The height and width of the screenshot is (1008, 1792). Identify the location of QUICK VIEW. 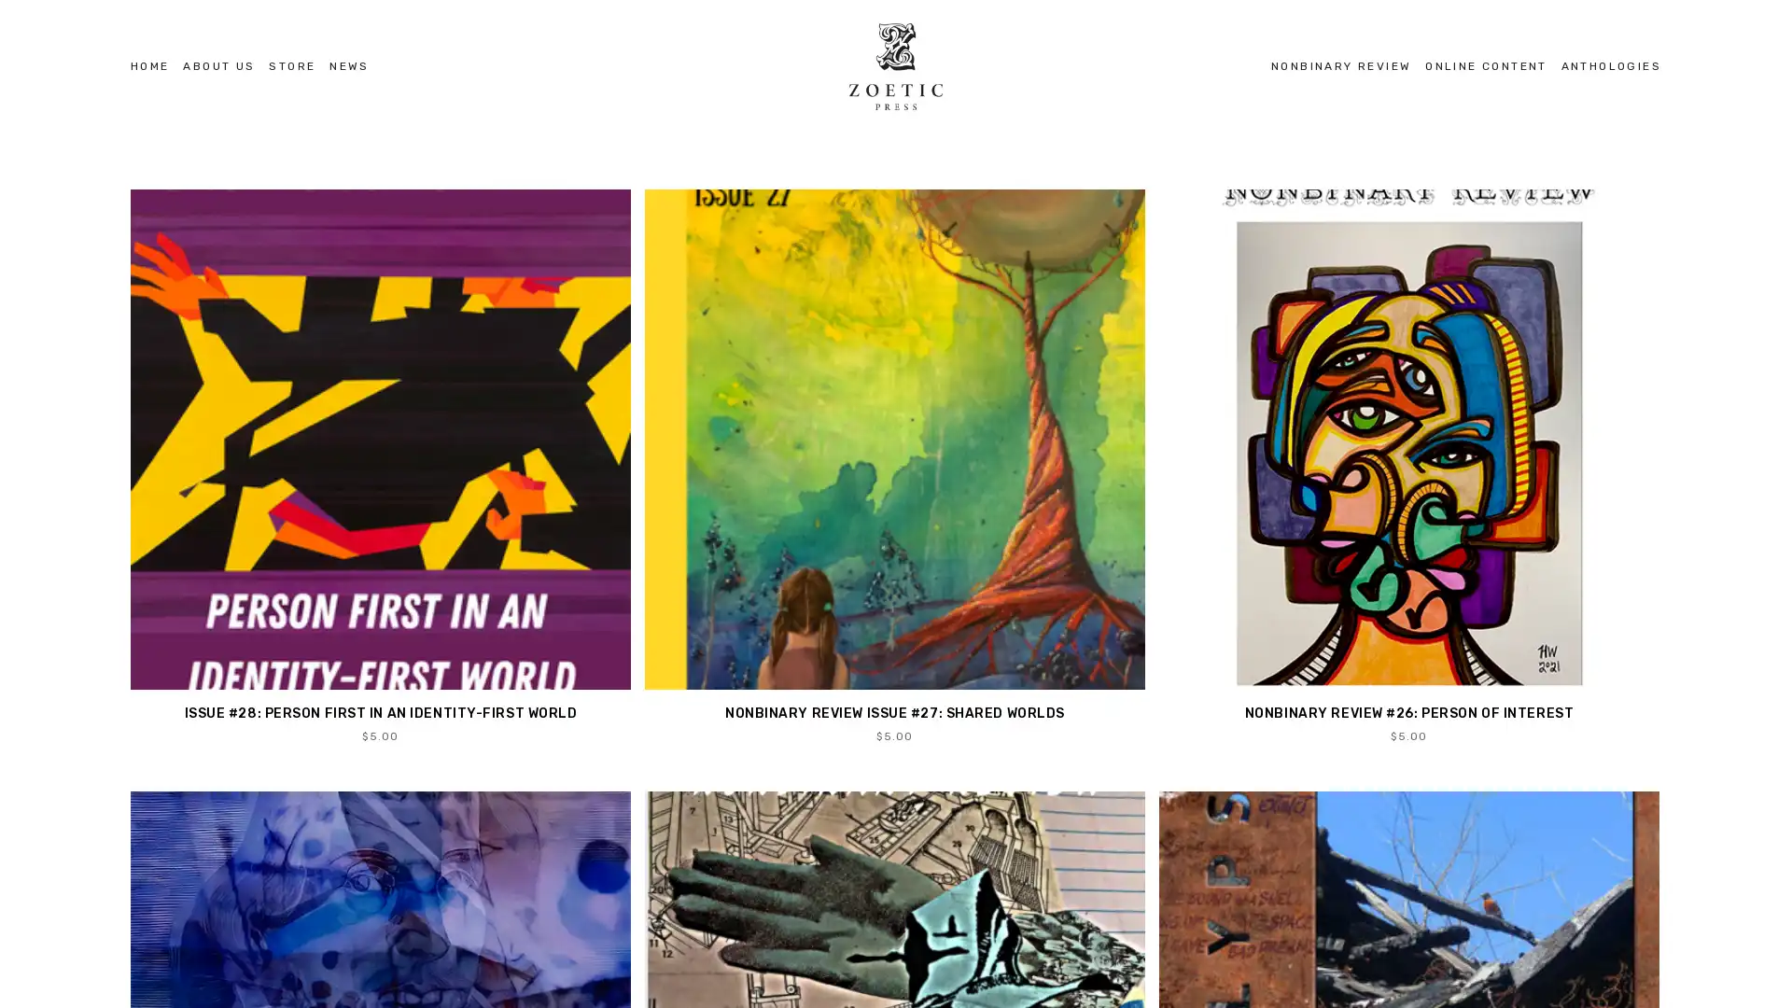
(1408, 466).